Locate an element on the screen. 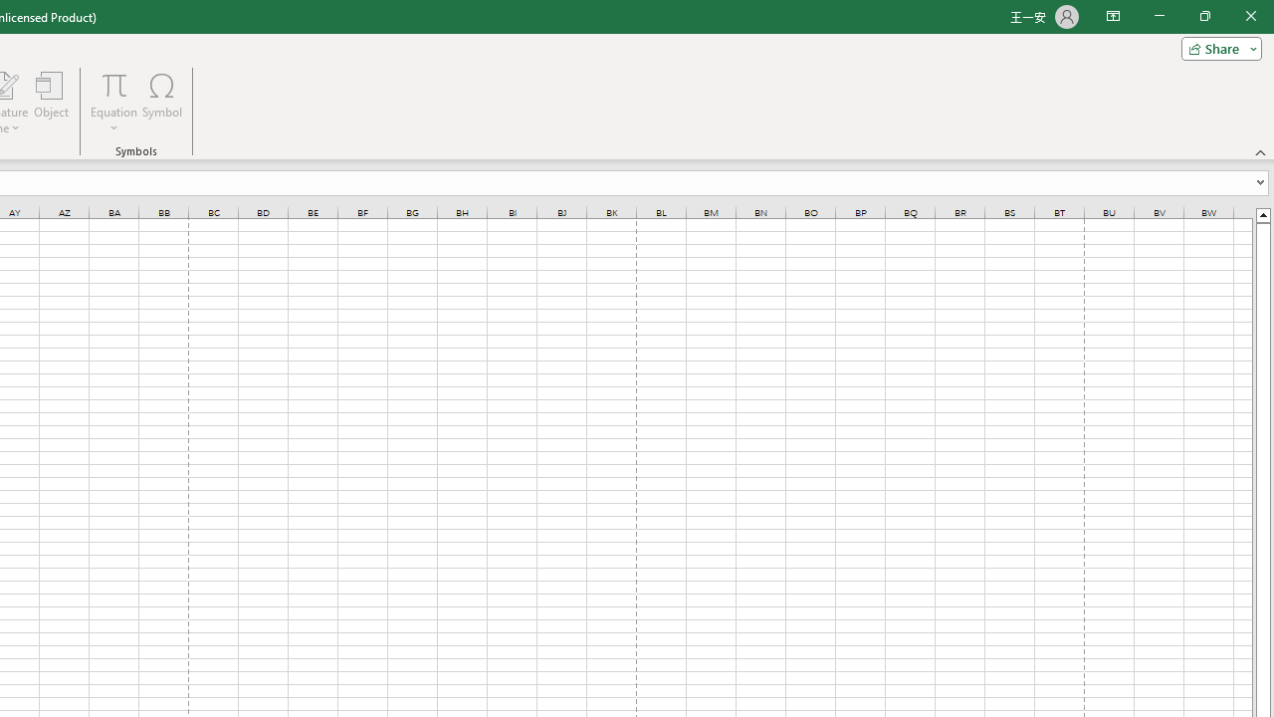 The height and width of the screenshot is (717, 1274). 'Share' is located at coordinates (1216, 47).